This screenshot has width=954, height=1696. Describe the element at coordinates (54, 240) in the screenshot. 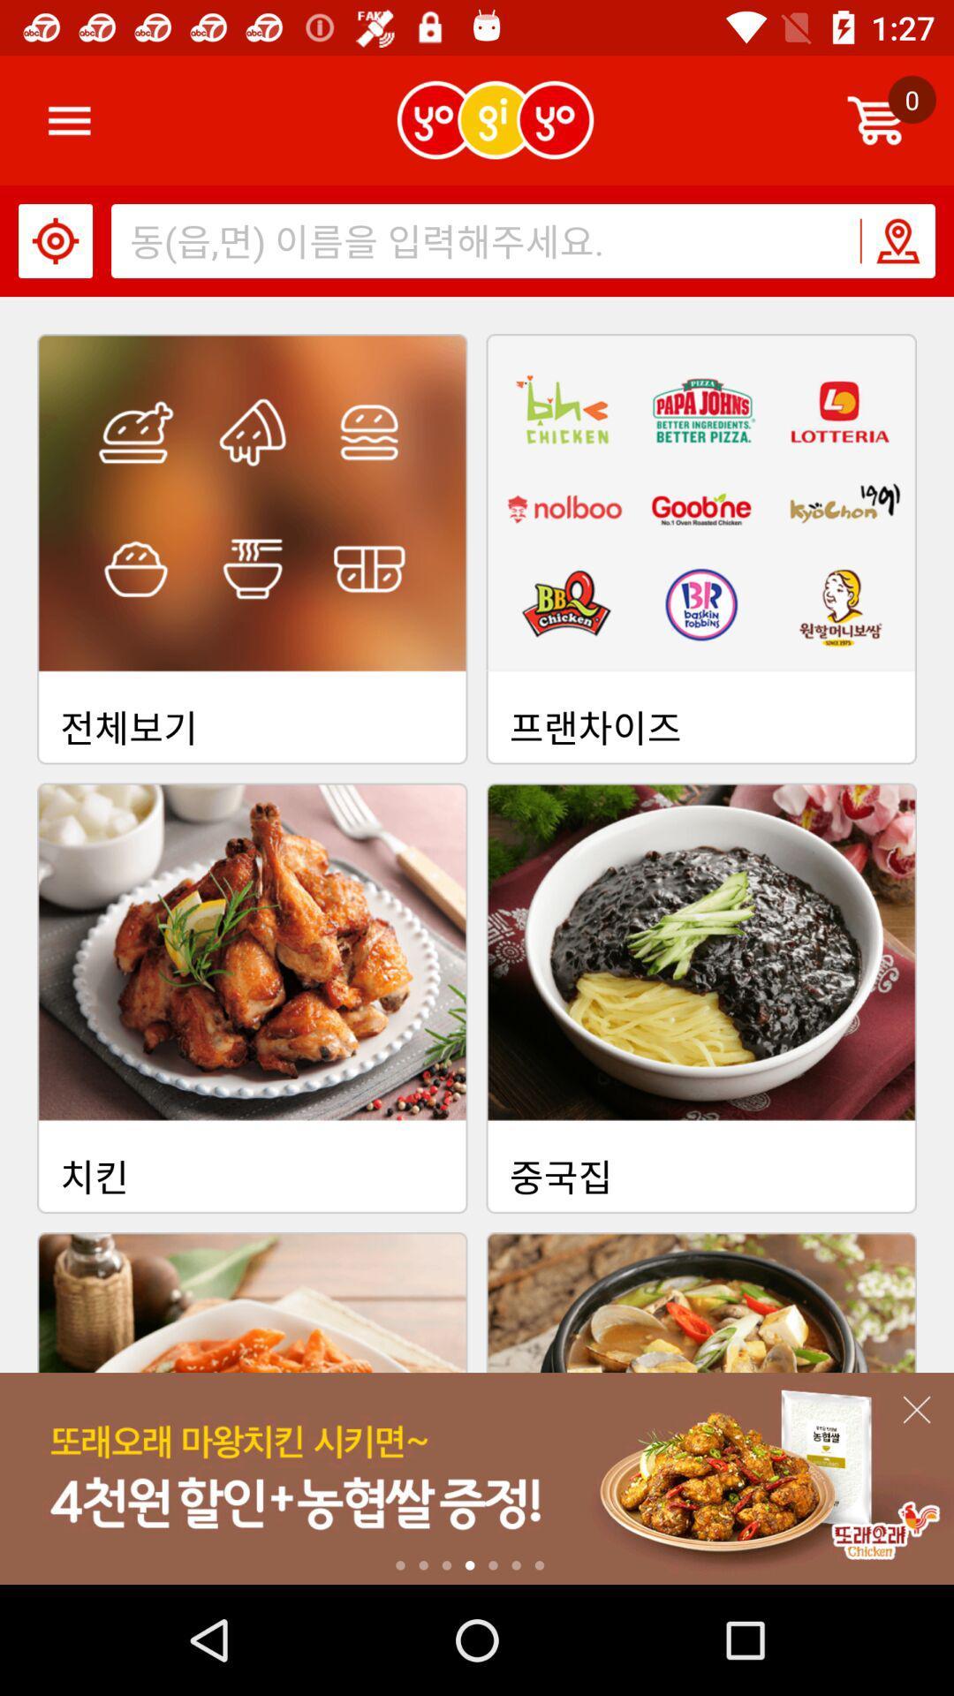

I see `the location_crosshair icon` at that location.